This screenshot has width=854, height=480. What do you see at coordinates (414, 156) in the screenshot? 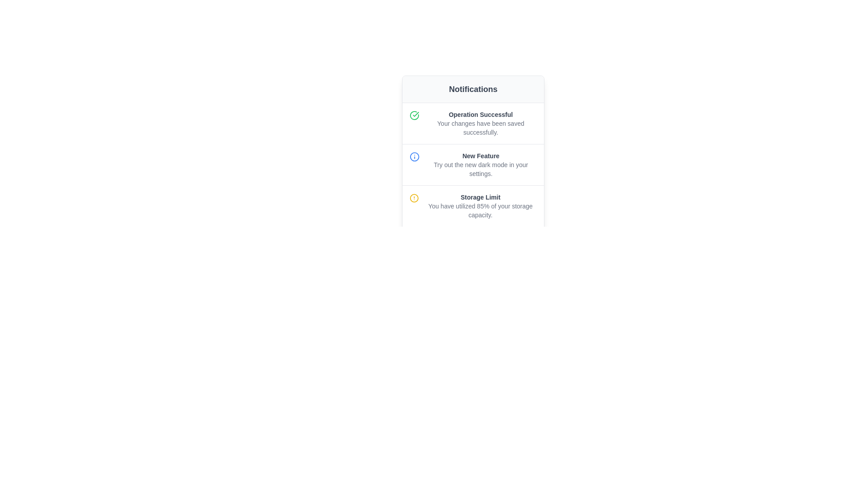
I see `the circular blue outlined icon resembling an information symbol located to the left of the 'New Feature' text in the notification card for potential interaction` at bounding box center [414, 156].